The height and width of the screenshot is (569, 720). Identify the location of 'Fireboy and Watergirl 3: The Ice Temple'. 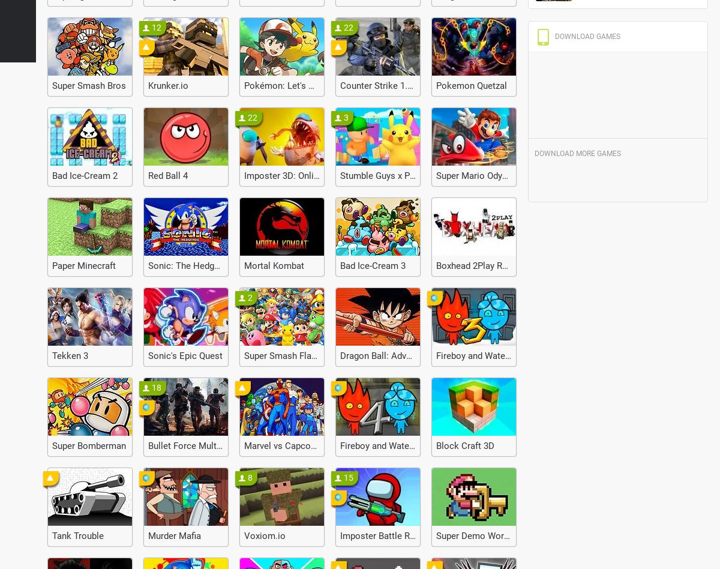
(514, 355).